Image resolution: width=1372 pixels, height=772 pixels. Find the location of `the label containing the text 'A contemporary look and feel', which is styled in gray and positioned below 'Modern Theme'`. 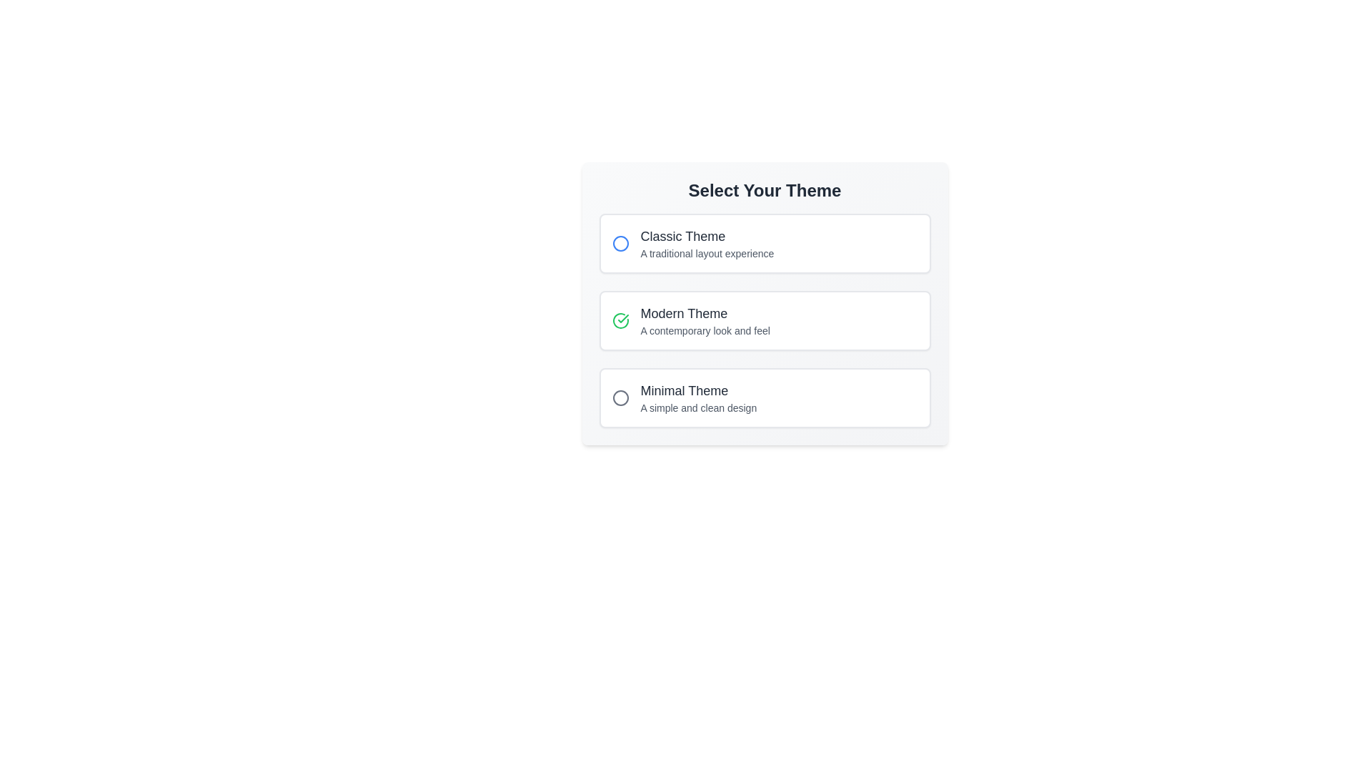

the label containing the text 'A contemporary look and feel', which is styled in gray and positioned below 'Modern Theme' is located at coordinates (705, 330).